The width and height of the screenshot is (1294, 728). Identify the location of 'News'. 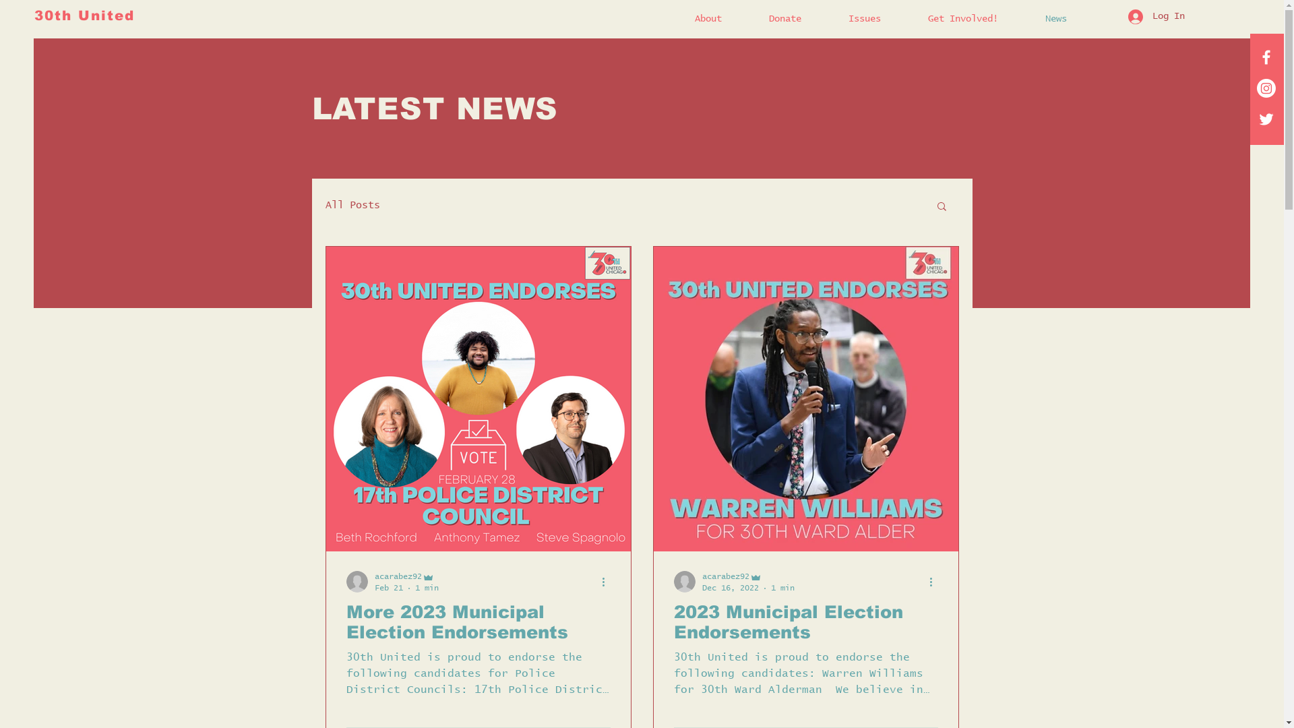
(1069, 18).